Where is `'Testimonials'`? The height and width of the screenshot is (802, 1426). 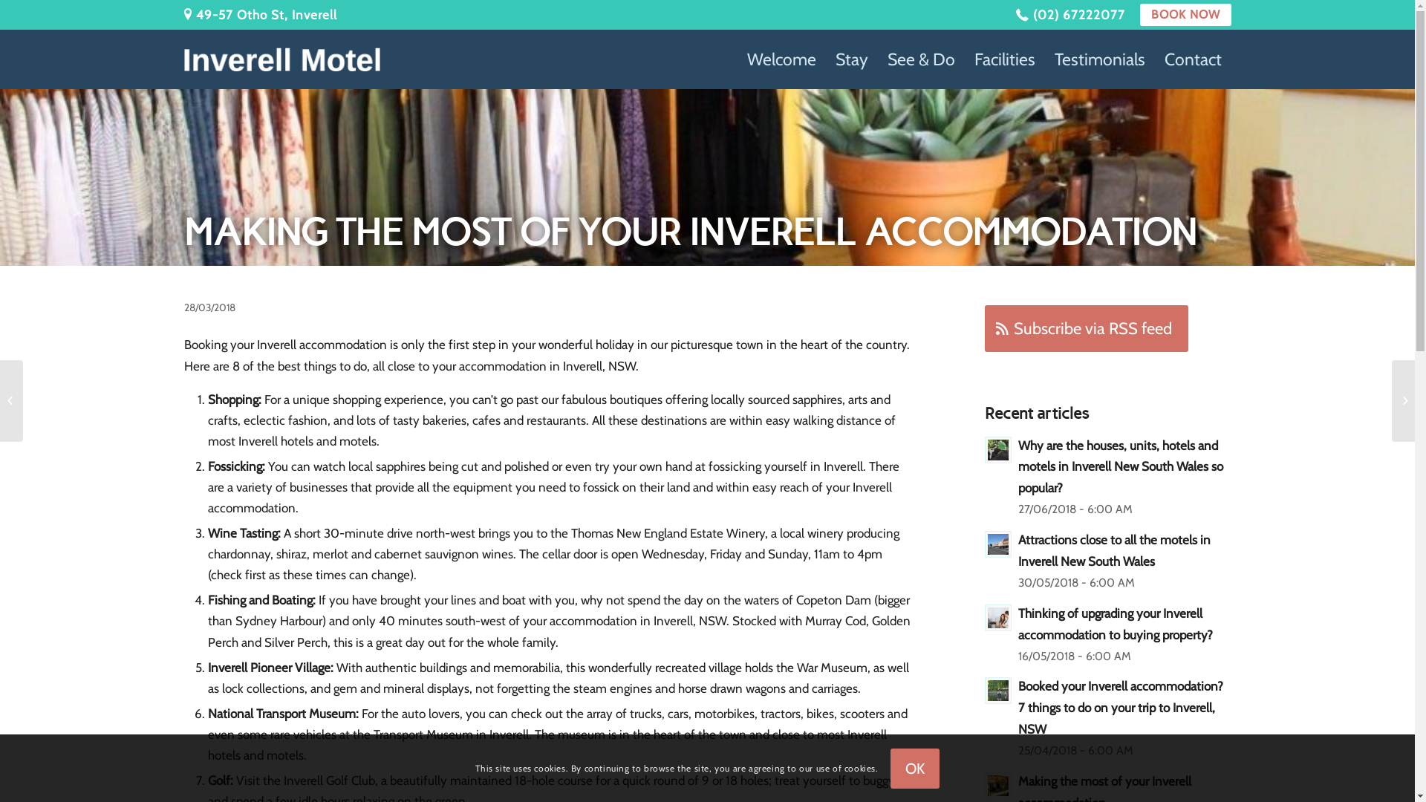
'Testimonials' is located at coordinates (1098, 59).